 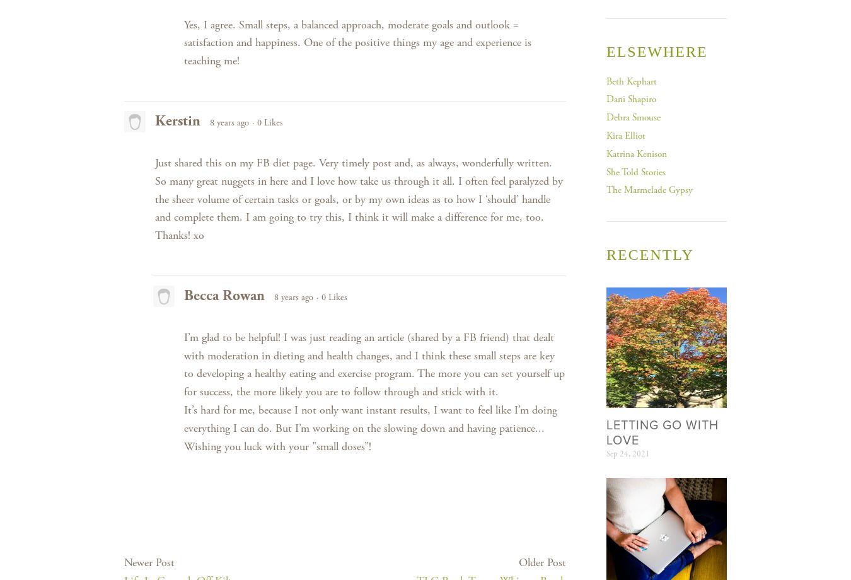 What do you see at coordinates (357, 42) in the screenshot?
I see `'Yes, I agree. Small steps, a balanced approach, moderate goals and outlook = satisfaction and happiness. One of the positive things my age and experience is teaching me!'` at bounding box center [357, 42].